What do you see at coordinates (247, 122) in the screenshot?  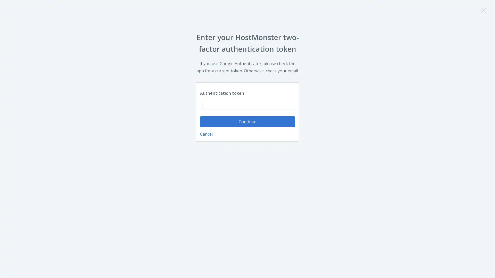 I see `Continue` at bounding box center [247, 122].